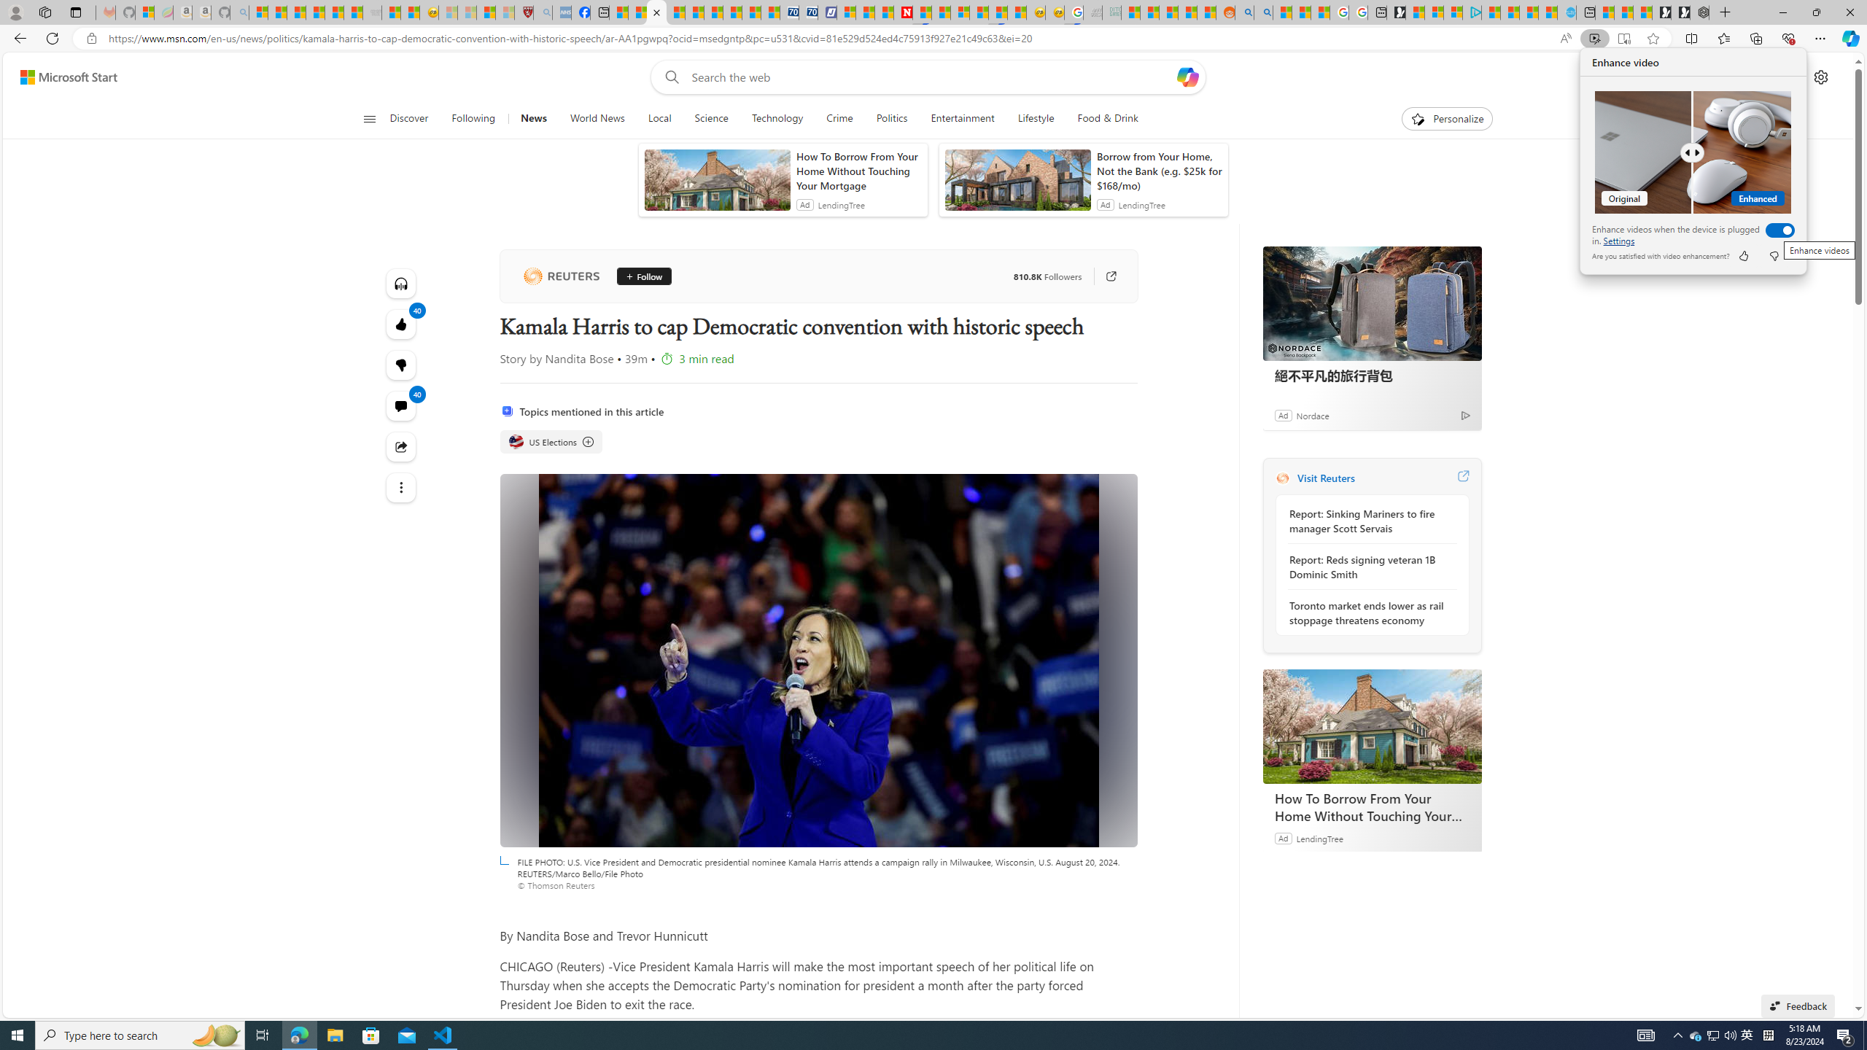  Describe the element at coordinates (514, 441) in the screenshot. I see `'US Elections'` at that location.